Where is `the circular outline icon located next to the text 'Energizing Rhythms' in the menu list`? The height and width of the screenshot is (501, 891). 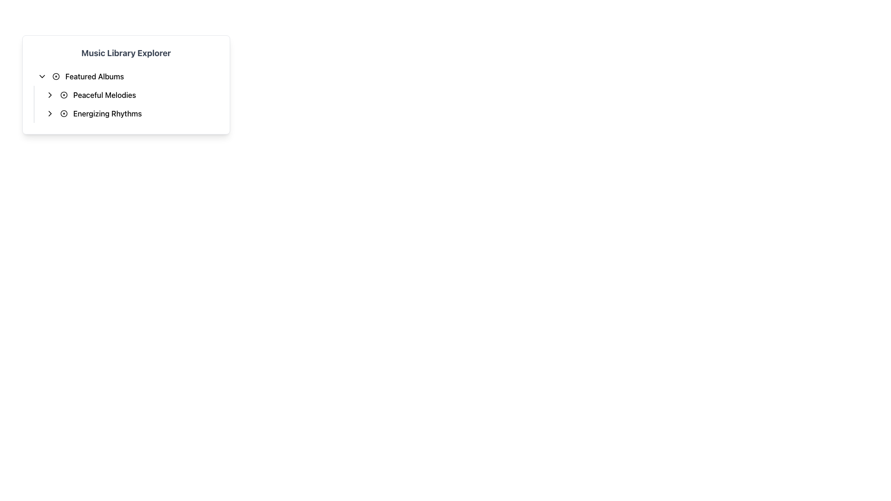
the circular outline icon located next to the text 'Energizing Rhythms' in the menu list is located at coordinates (64, 113).